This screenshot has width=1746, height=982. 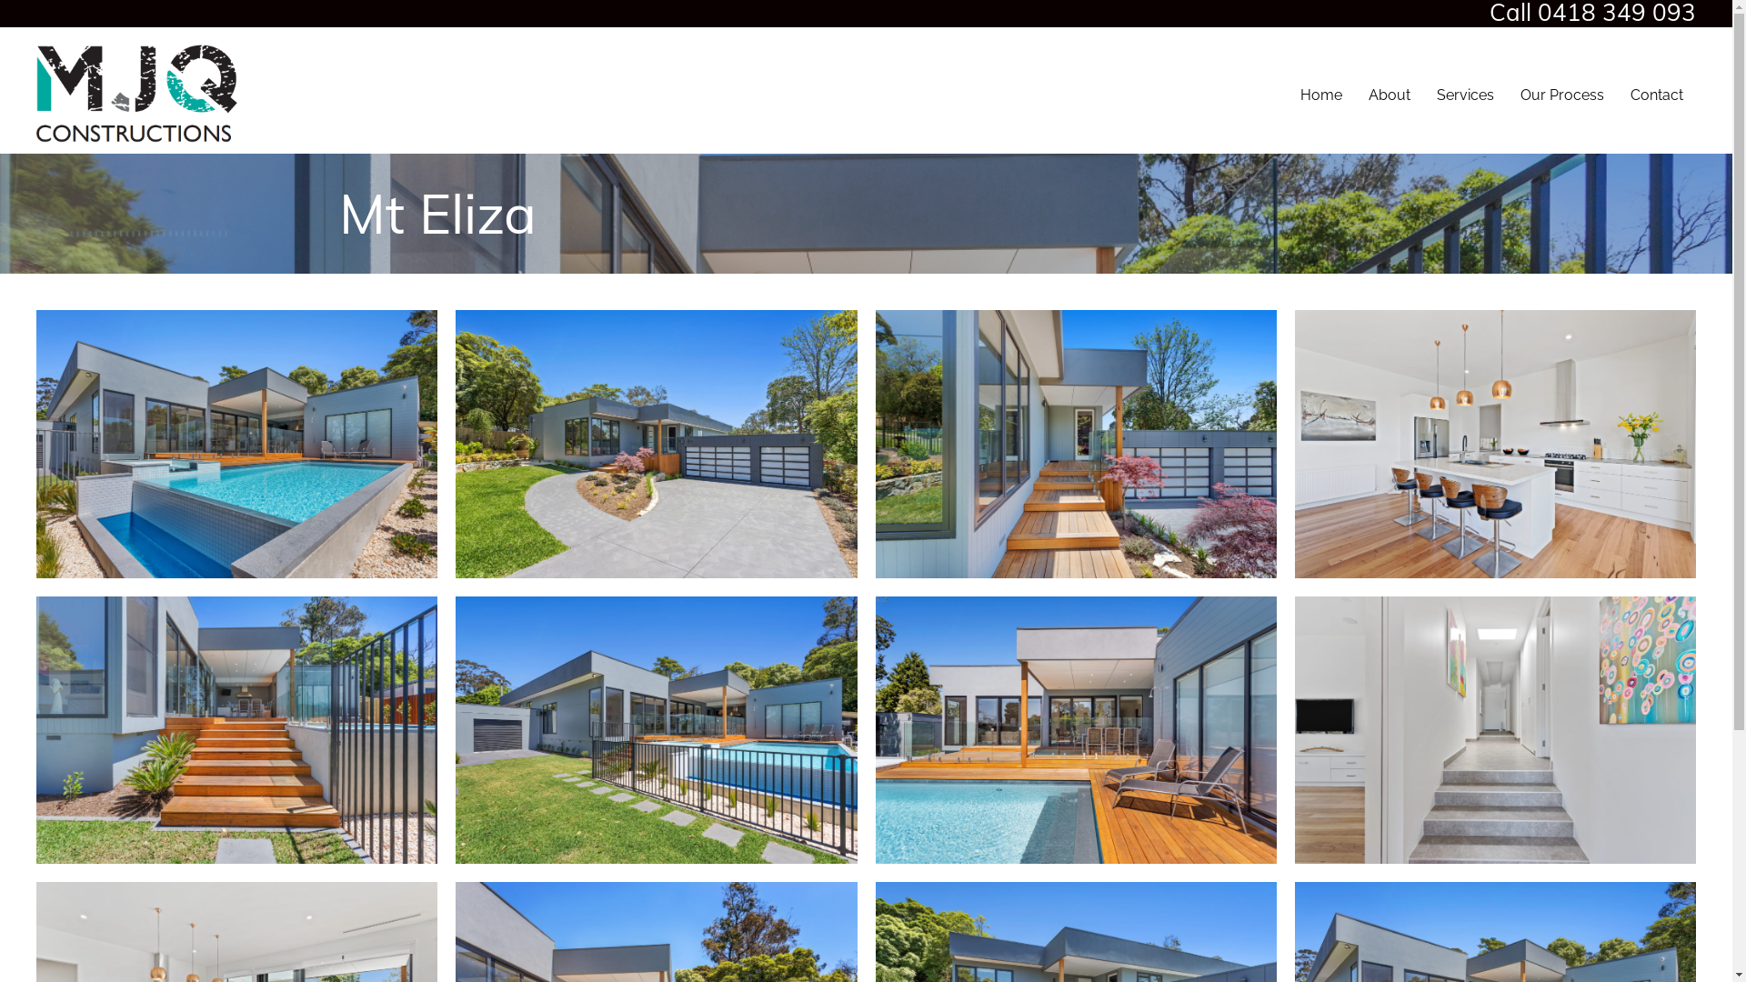 I want to click on 'About', so click(x=1356, y=95).